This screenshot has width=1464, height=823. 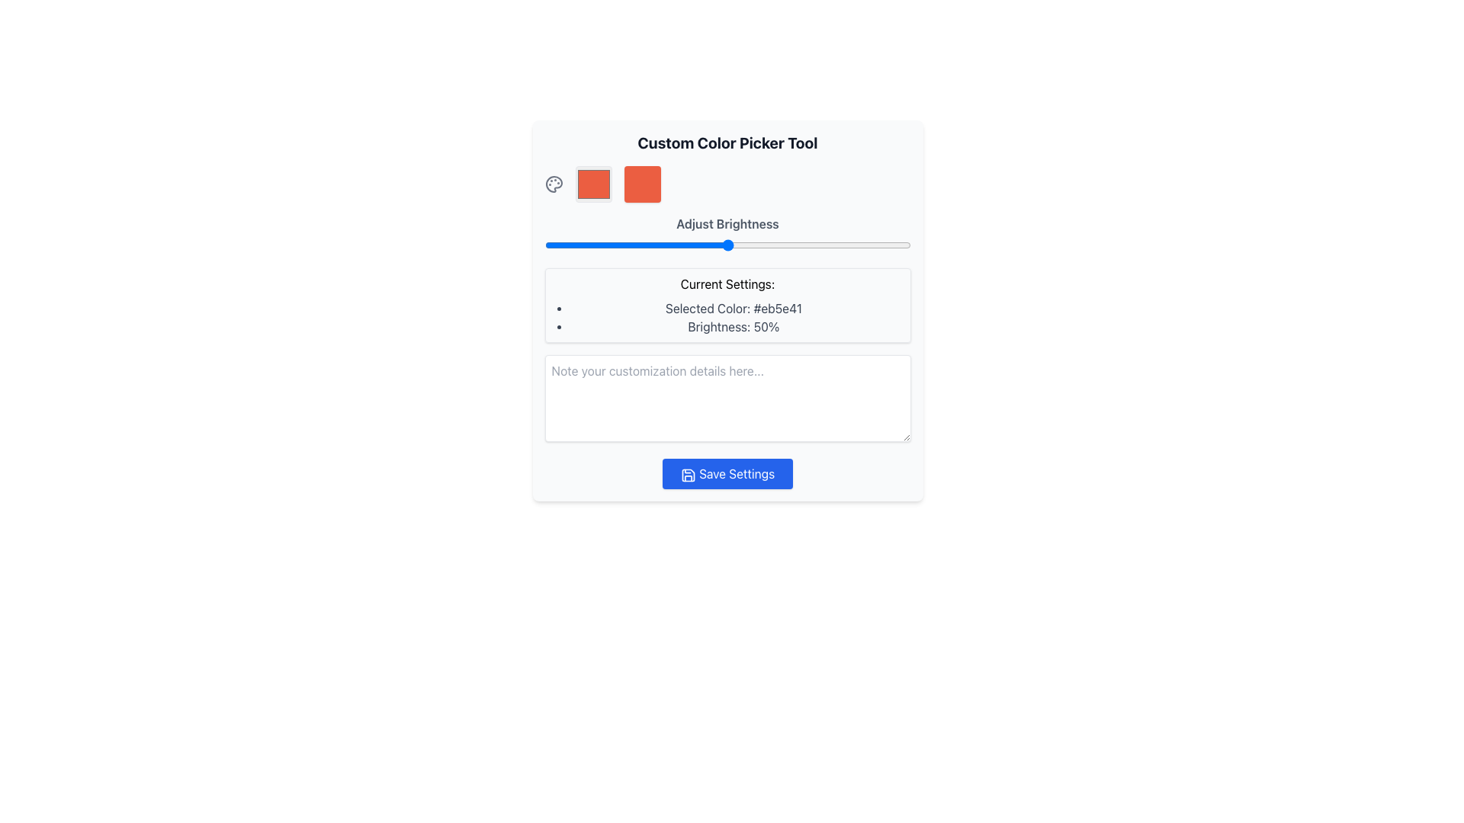 What do you see at coordinates (727, 143) in the screenshot?
I see `the header text that indicates the custom color picker tool, which is positioned at the top center of the module` at bounding box center [727, 143].